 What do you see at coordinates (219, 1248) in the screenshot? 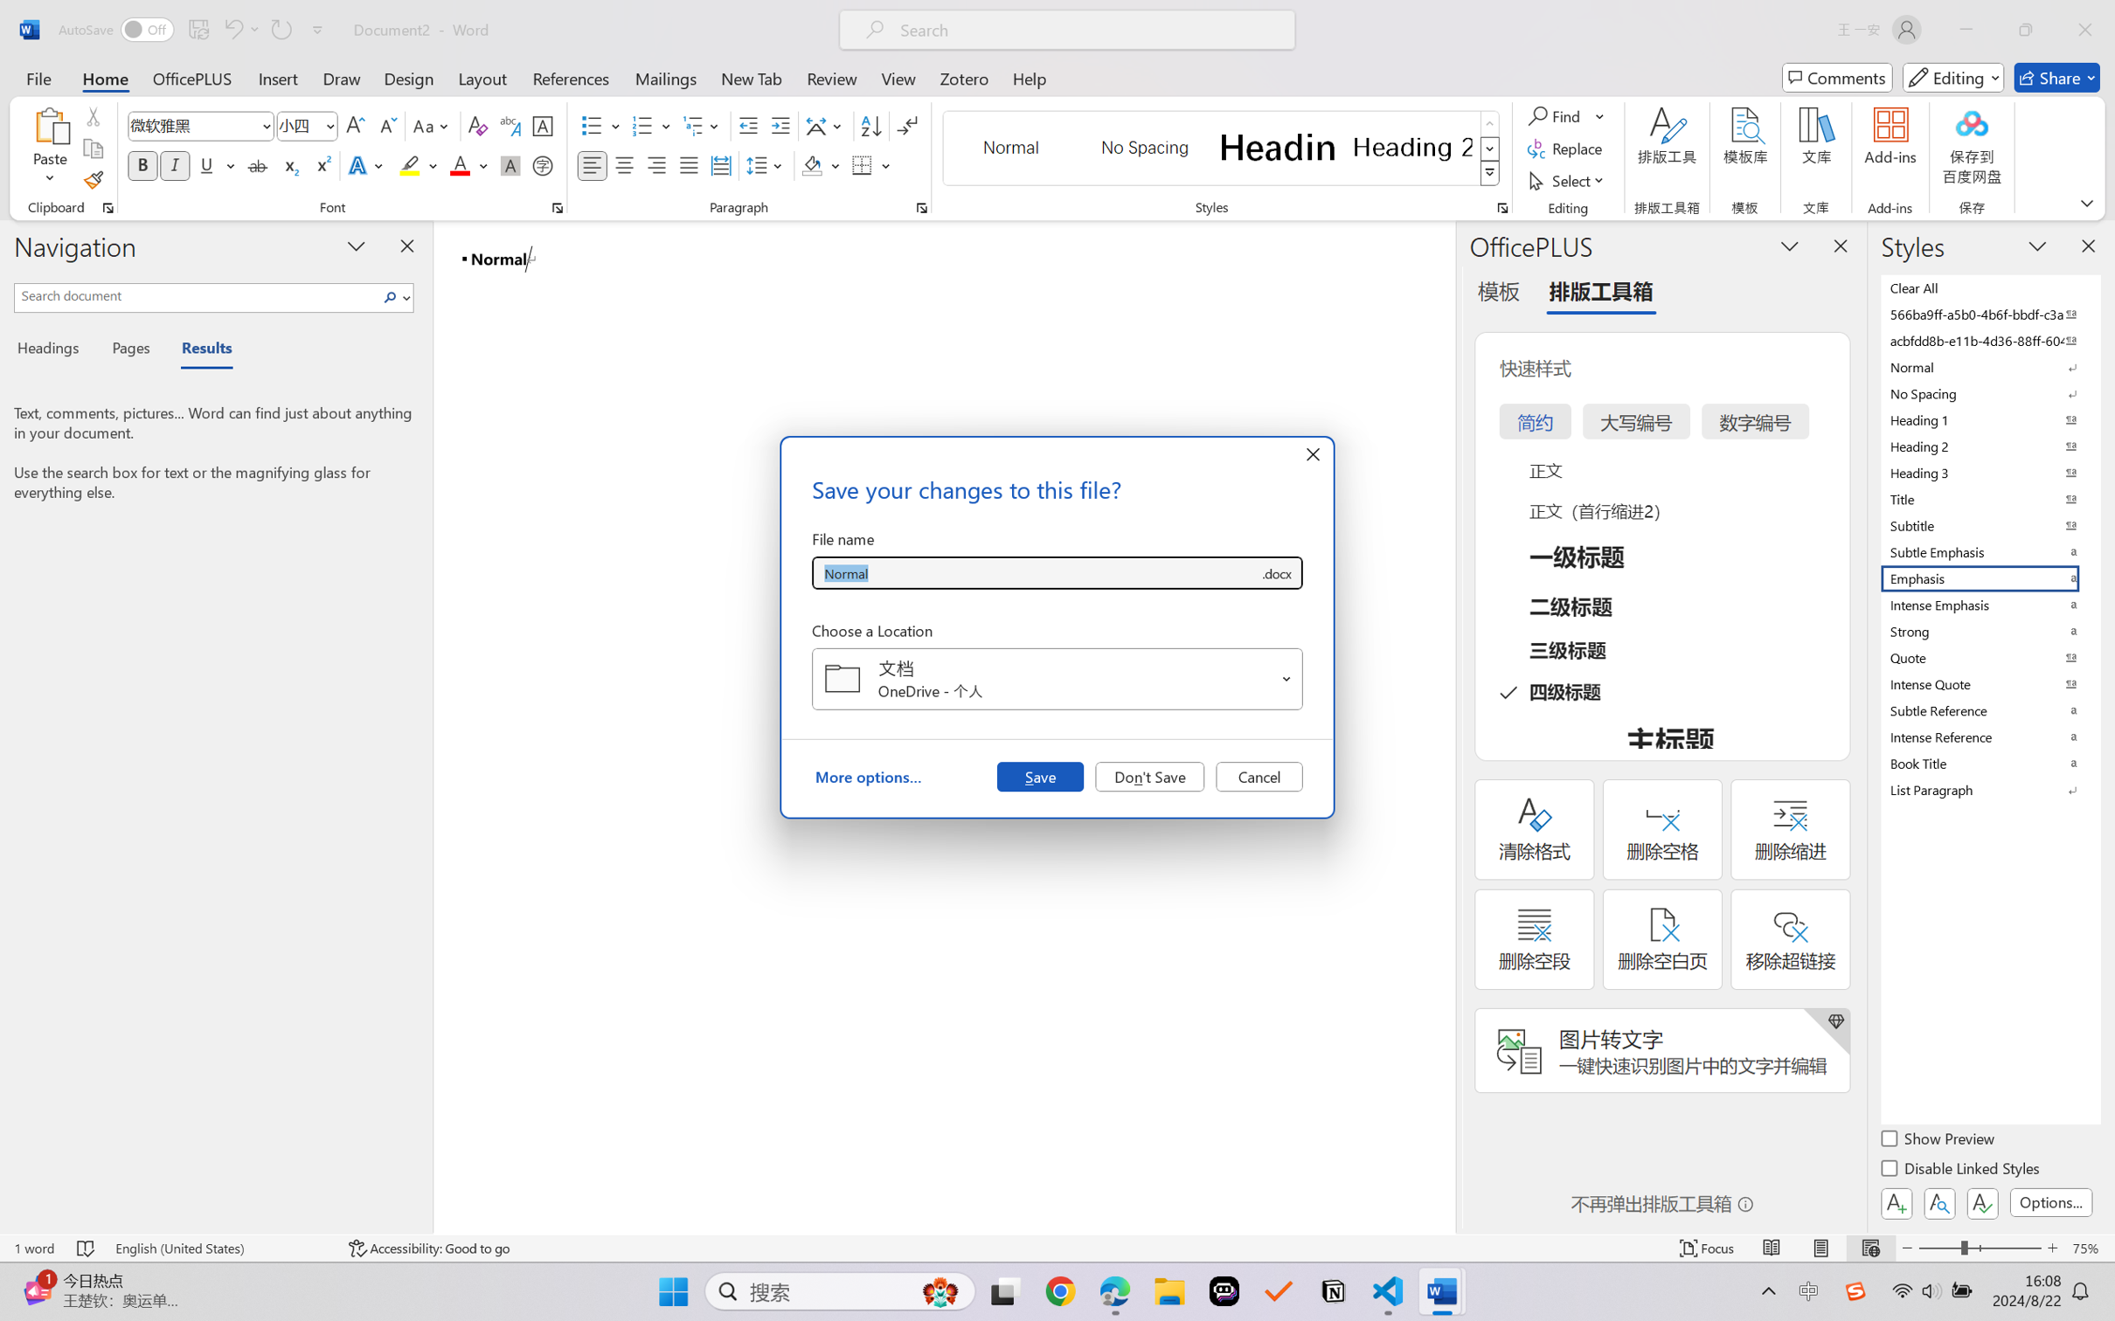
I see `'Language English (United States)'` at bounding box center [219, 1248].